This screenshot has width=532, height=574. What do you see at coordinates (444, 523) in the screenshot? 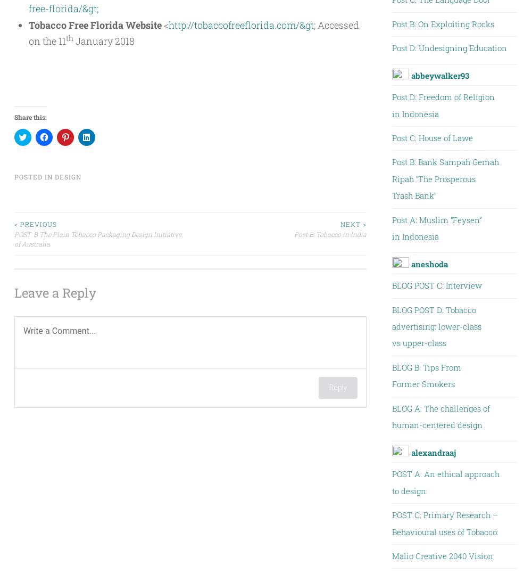
I see `'POST C: Primary Research – Behavioural uses of Tobacco:'` at bounding box center [444, 523].